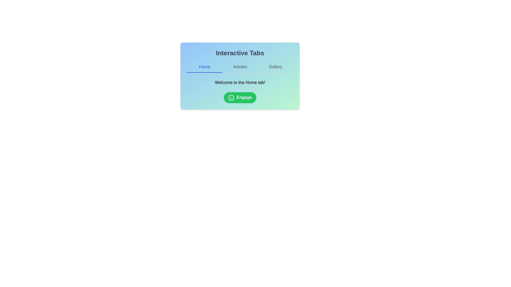 The height and width of the screenshot is (287, 511). I want to click on the prominent button located centrally within the segment displaying 'Welcome to the Home tab!', so click(240, 98).